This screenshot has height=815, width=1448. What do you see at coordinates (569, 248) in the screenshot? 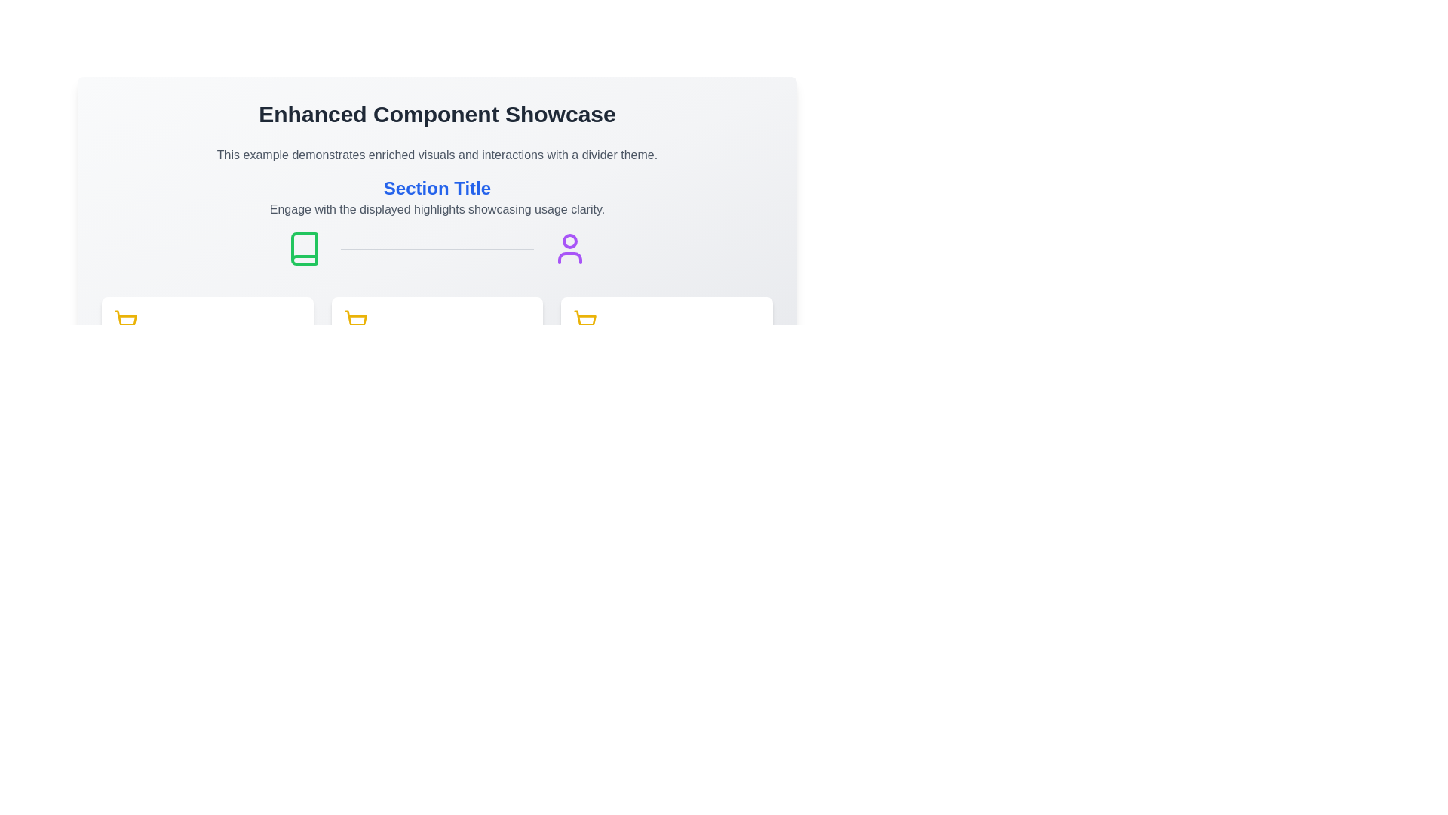
I see `the user profile icon located below the title 'Section Title', which is the third icon from the left among a trio of symbols` at bounding box center [569, 248].